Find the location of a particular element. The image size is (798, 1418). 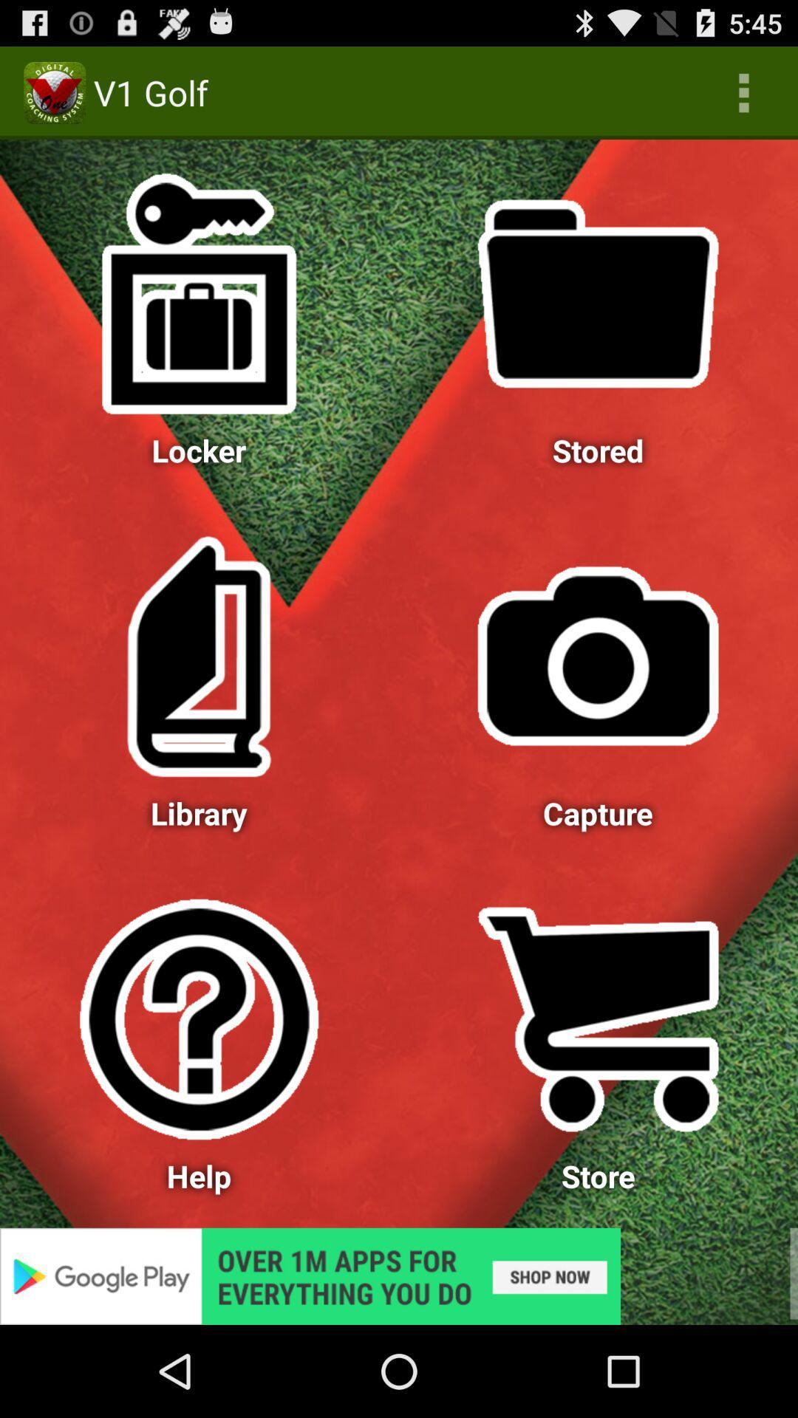

app next to v1 golf app is located at coordinates (743, 92).